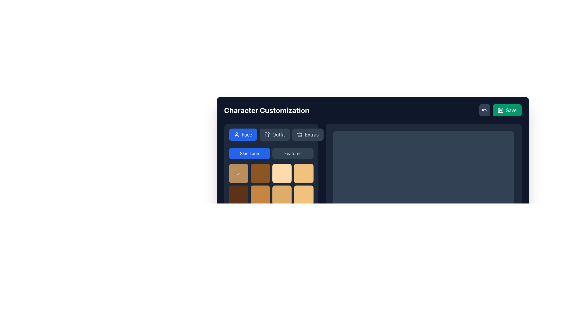 Image resolution: width=585 pixels, height=329 pixels. Describe the element at coordinates (271, 134) in the screenshot. I see `the Navigation bar with selectable buttons located below the 'Character Customization' header to navigate` at that location.